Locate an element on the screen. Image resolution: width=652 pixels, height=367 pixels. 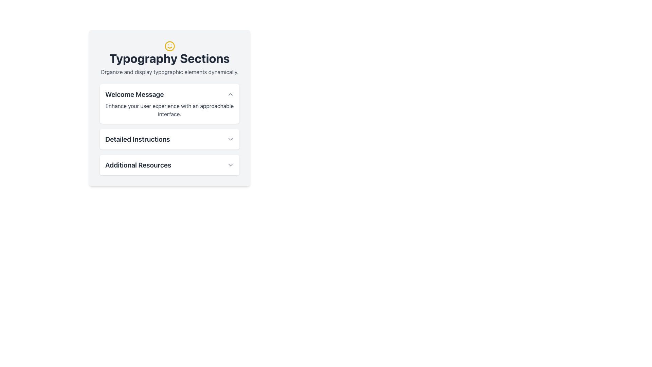
keyboard navigation is located at coordinates (169, 139).